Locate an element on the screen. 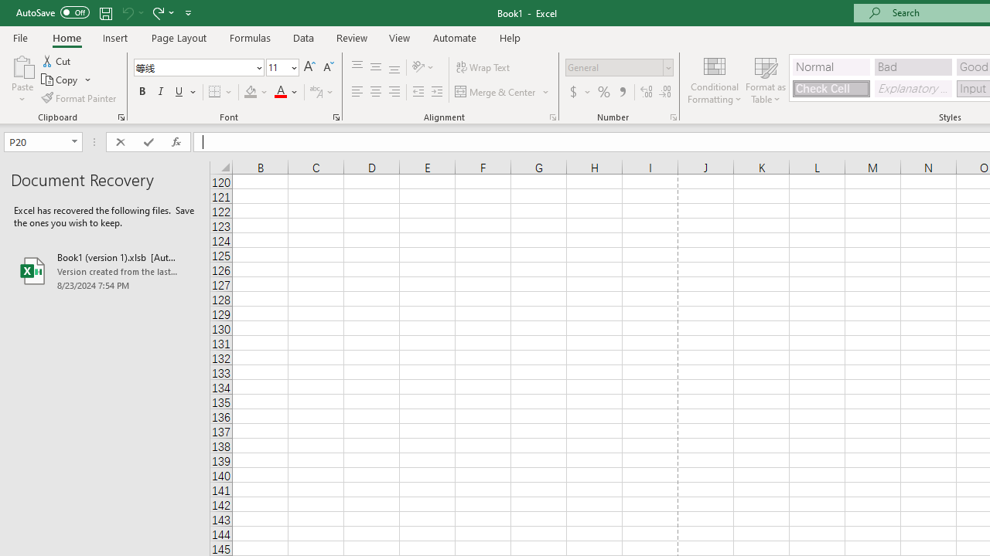  'Conditional Formatting' is located at coordinates (714, 80).